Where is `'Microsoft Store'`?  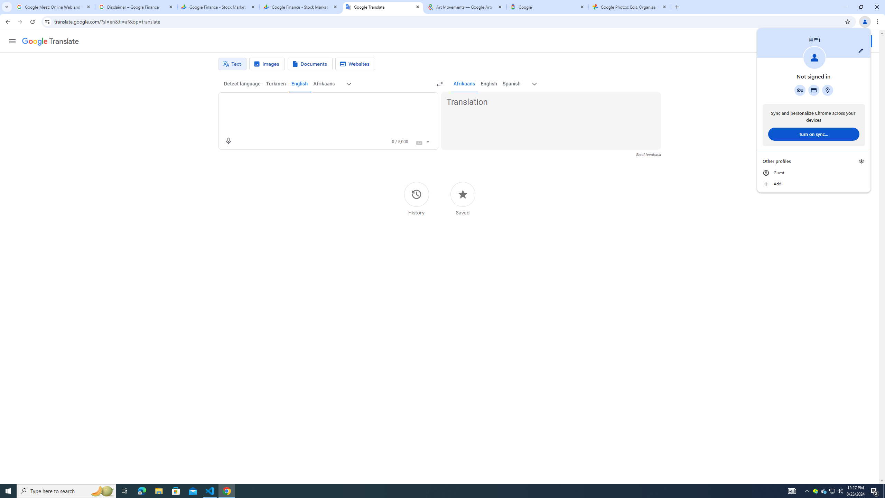
'Microsoft Store' is located at coordinates (176, 490).